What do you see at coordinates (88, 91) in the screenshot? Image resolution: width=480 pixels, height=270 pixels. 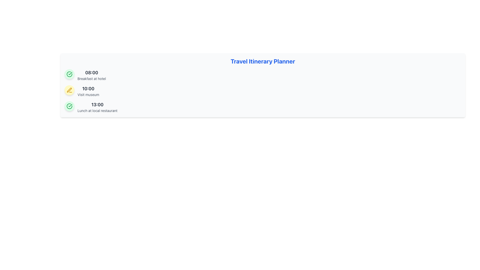 I see `the text block that displays the schedule entry showing '10:00' and 'Visit museum', which is centrally located between '08:00 Breakfast at hotel' and '13:00 Lunch at local restaurant'` at bounding box center [88, 91].